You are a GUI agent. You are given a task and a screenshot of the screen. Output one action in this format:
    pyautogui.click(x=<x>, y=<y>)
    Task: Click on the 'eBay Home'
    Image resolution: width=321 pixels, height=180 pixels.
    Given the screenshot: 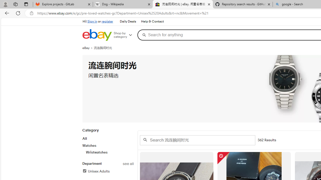 What is the action you would take?
    pyautogui.click(x=97, y=35)
    